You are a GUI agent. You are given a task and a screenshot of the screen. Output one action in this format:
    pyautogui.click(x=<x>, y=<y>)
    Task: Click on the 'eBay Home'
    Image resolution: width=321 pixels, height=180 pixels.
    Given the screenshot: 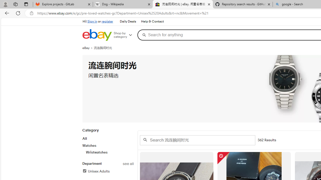 What is the action you would take?
    pyautogui.click(x=97, y=35)
    